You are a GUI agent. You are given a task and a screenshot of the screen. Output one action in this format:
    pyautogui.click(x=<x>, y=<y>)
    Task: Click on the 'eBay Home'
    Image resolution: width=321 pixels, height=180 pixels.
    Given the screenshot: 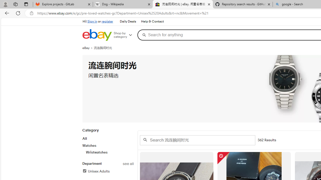 What is the action you would take?
    pyautogui.click(x=97, y=35)
    